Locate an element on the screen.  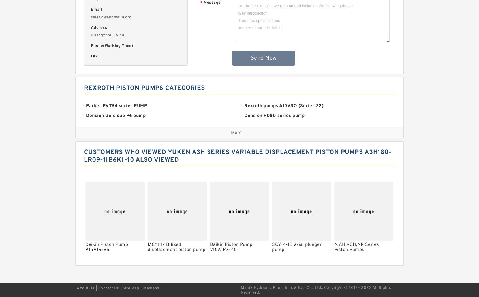
'Dension Gold cup P6 pump' is located at coordinates (116, 116).